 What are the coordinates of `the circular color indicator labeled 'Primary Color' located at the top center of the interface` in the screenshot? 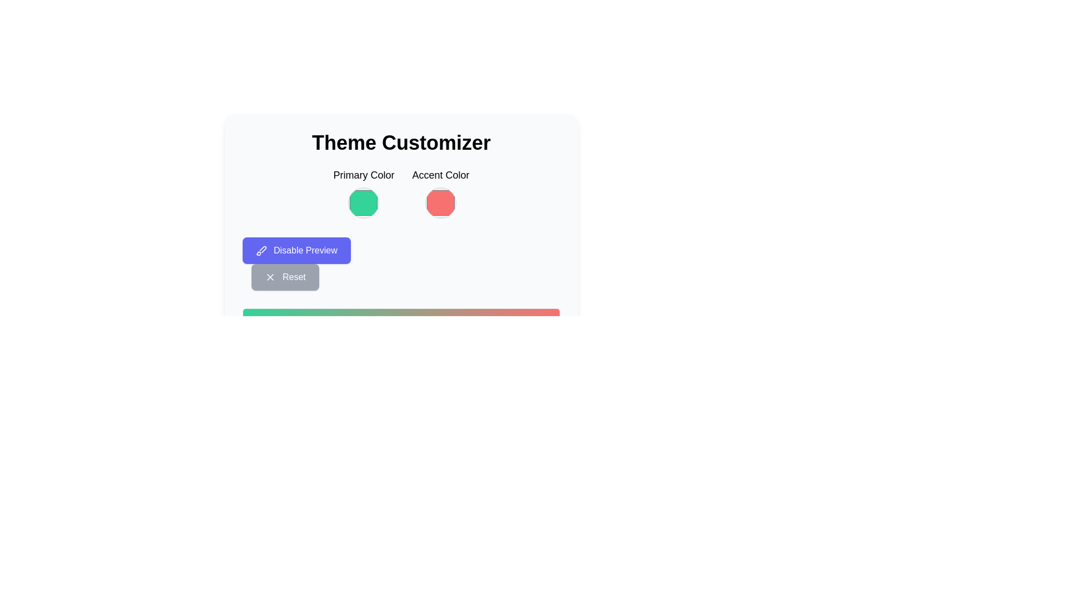 It's located at (364, 192).